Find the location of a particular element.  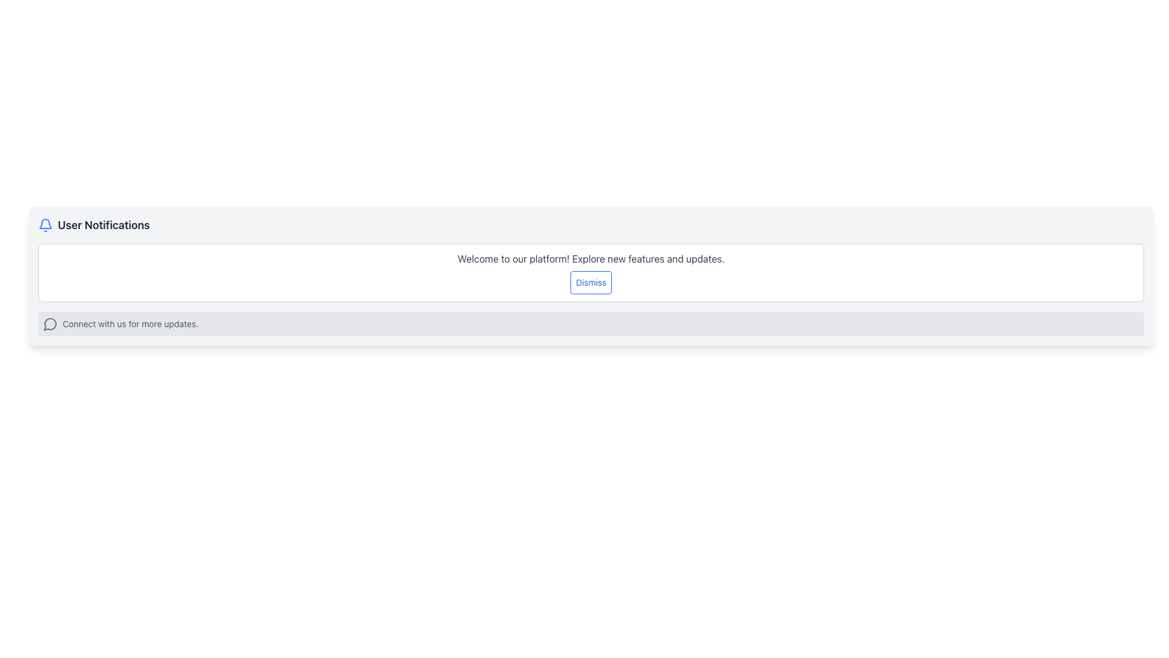

the 'Dismiss' button, which is a rectangular button with a blue border and rounded corners located in the bottom-right corner of a notification message box is located at coordinates (591, 282).